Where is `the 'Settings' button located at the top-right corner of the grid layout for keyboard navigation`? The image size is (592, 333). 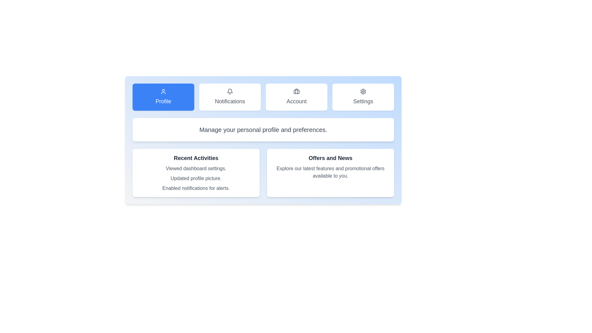
the 'Settings' button located at the top-right corner of the grid layout for keyboard navigation is located at coordinates (363, 97).